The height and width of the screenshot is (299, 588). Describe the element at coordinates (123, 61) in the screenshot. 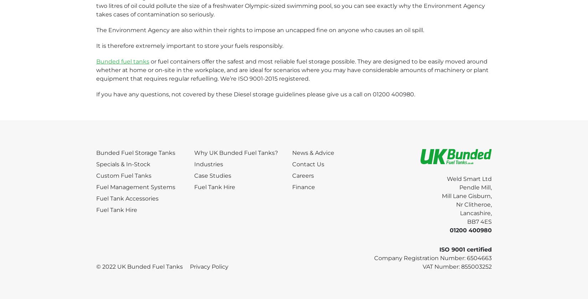

I see `'Bunded fuel tanks'` at that location.